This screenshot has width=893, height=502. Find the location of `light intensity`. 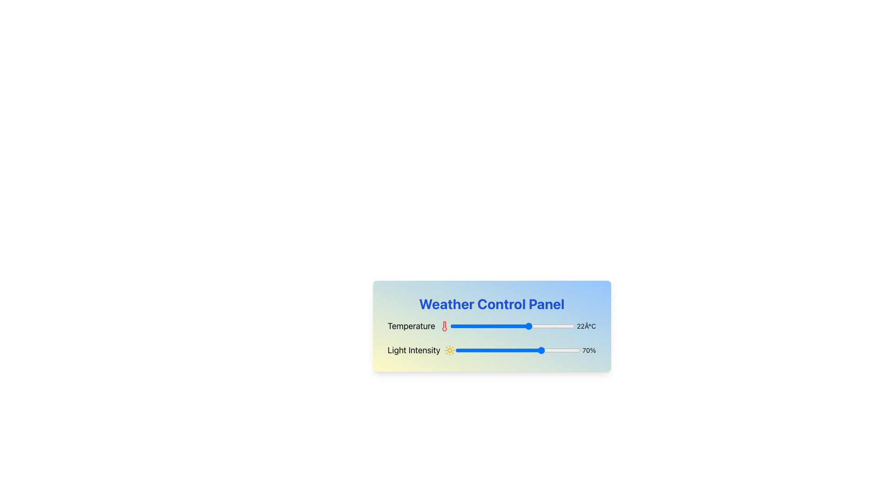

light intensity is located at coordinates (474, 350).